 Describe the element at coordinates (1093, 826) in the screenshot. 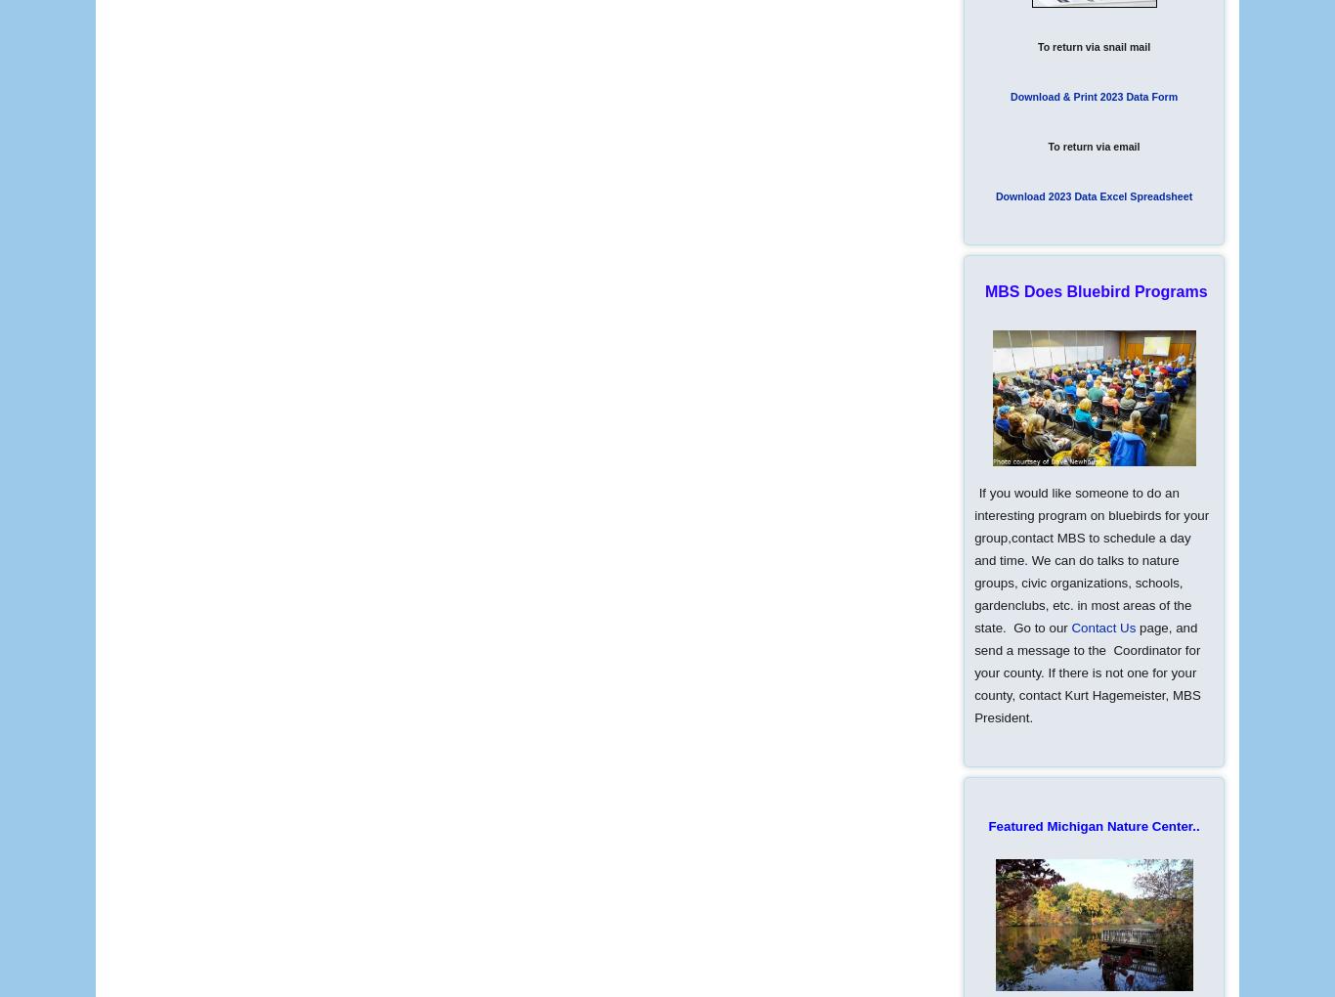

I see `'Featured Michigan Nature Center..'` at that location.